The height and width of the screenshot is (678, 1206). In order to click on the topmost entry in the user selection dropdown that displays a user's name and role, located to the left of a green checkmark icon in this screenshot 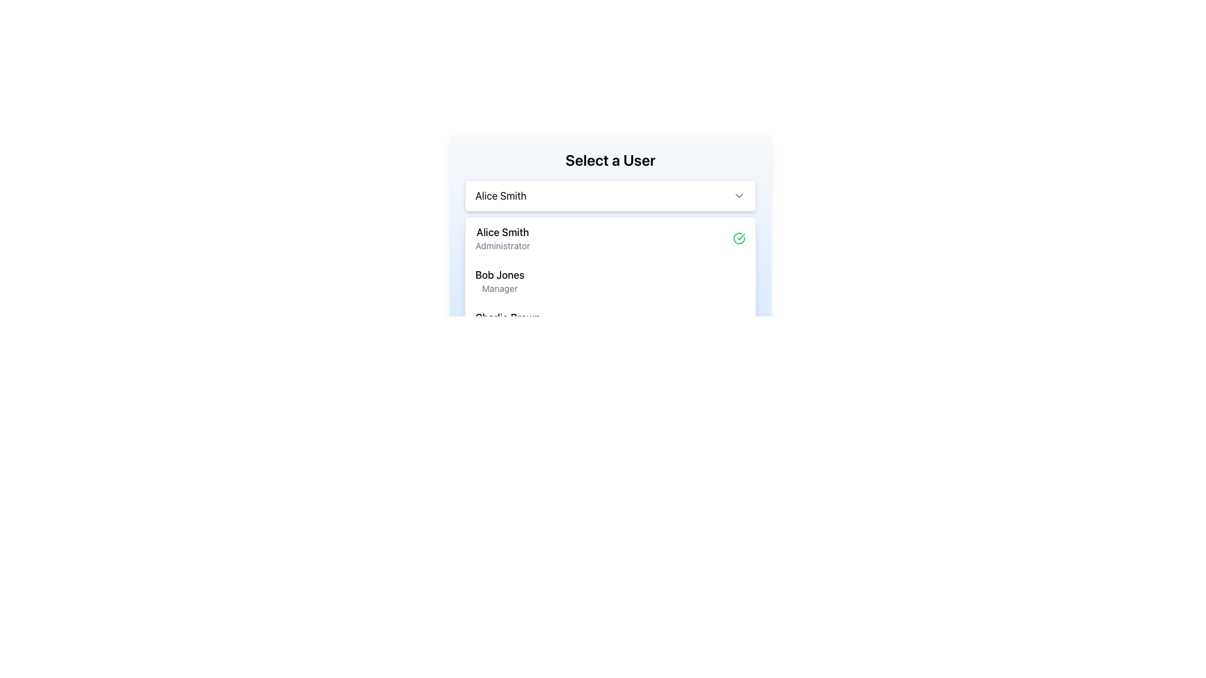, I will do `click(503, 239)`.